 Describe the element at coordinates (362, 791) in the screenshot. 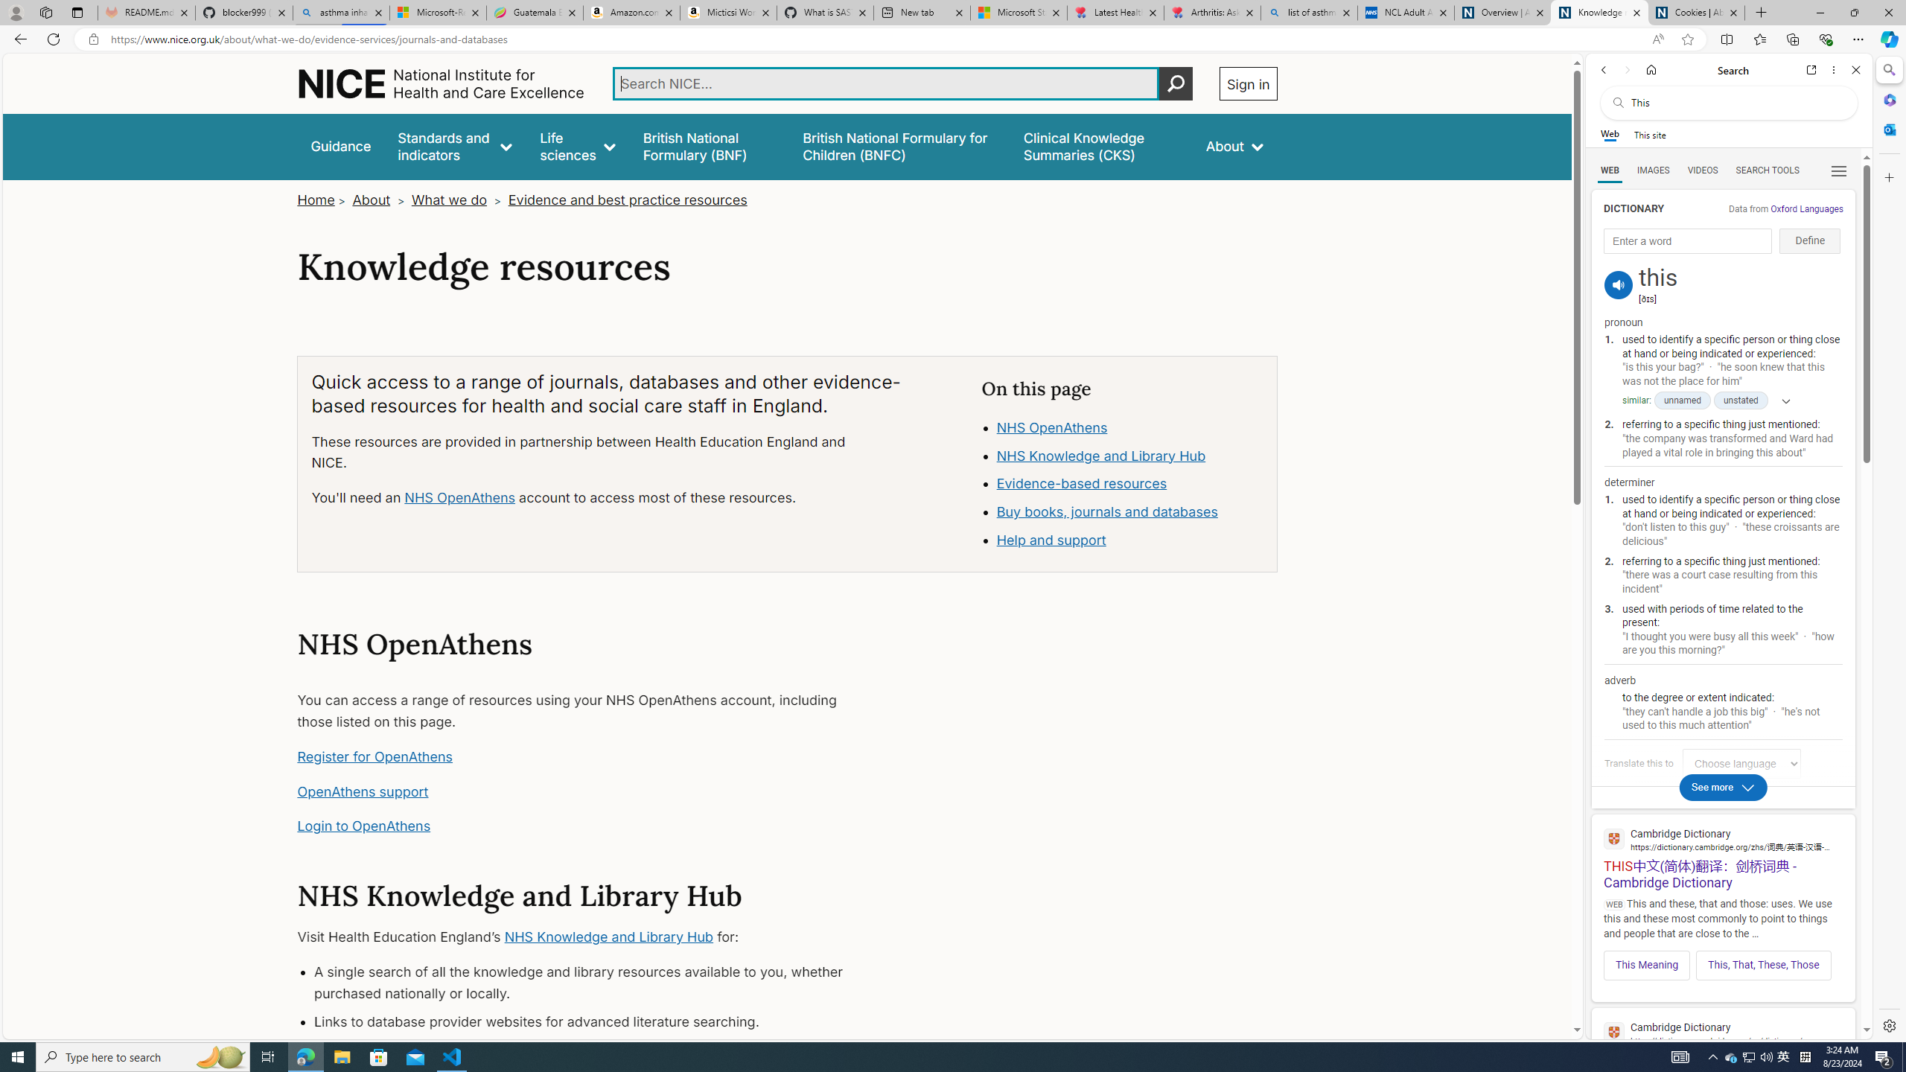

I see `'OpenAthens support'` at that location.